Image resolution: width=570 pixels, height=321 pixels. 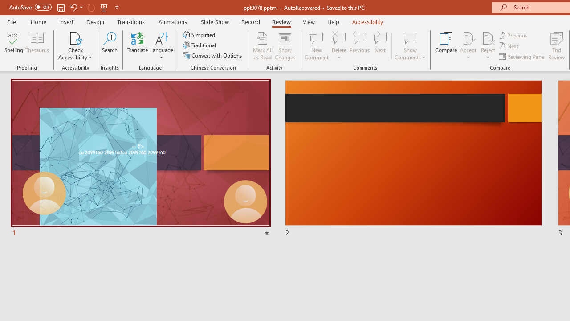 I want to click on 'Accessibility', so click(x=368, y=21).